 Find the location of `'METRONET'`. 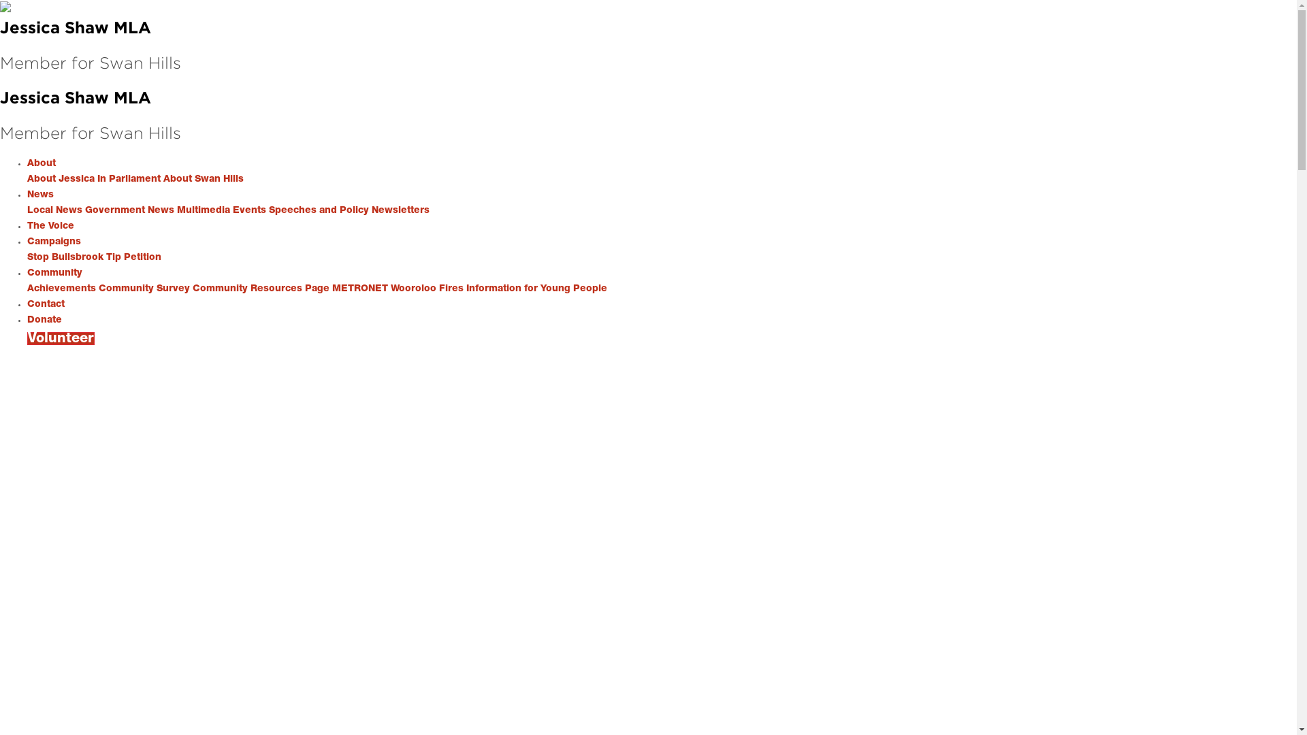

'METRONET' is located at coordinates (359, 288).